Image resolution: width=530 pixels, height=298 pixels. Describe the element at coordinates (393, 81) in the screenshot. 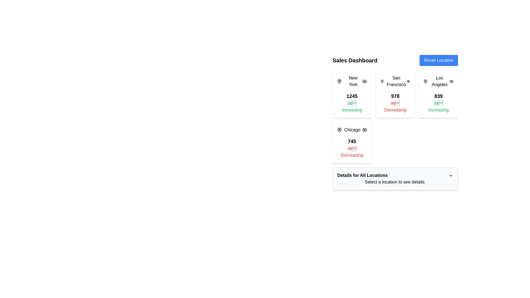

I see `the Text label displaying 'San Francisco' located in the top-middle section of the dashboard interface` at that location.